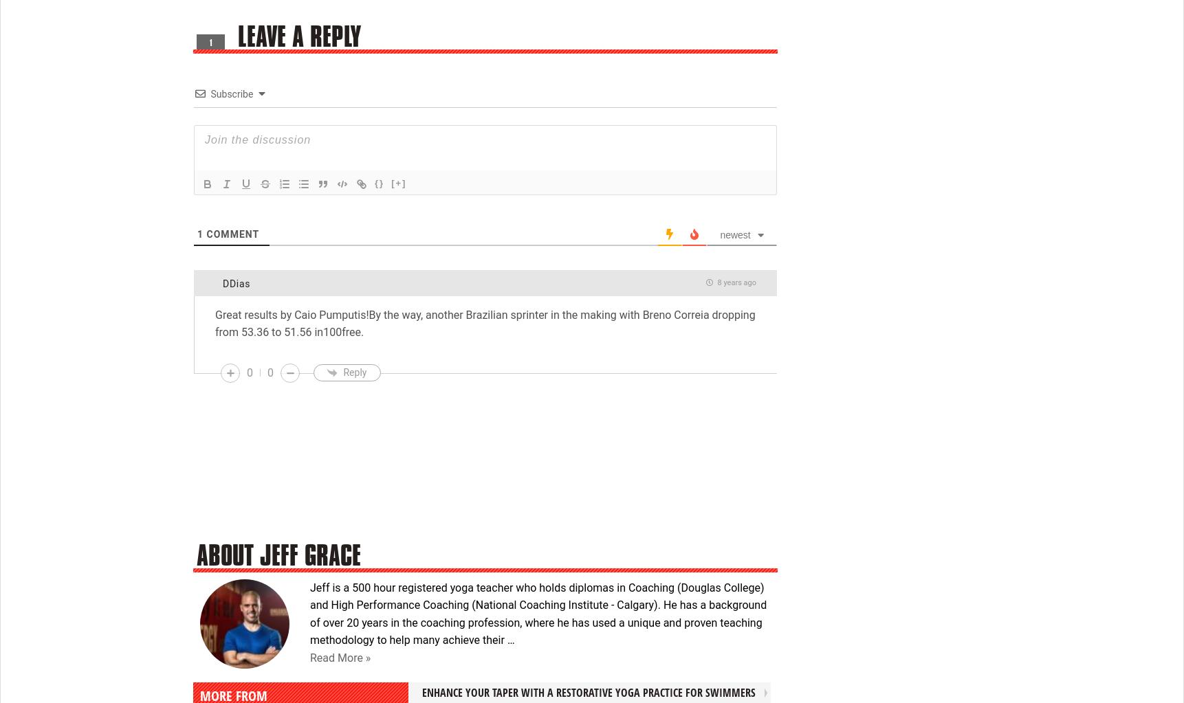 The width and height of the screenshot is (1184, 703). I want to click on 'DDias', so click(222, 283).